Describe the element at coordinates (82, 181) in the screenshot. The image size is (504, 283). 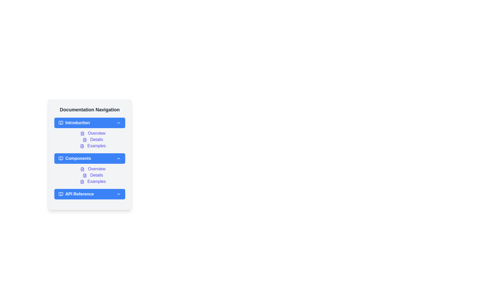
I see `the 'Examples' icon in the navigation menu, which is located in the 'Components' section and is positioned to the left of the text 'Examples'` at that location.